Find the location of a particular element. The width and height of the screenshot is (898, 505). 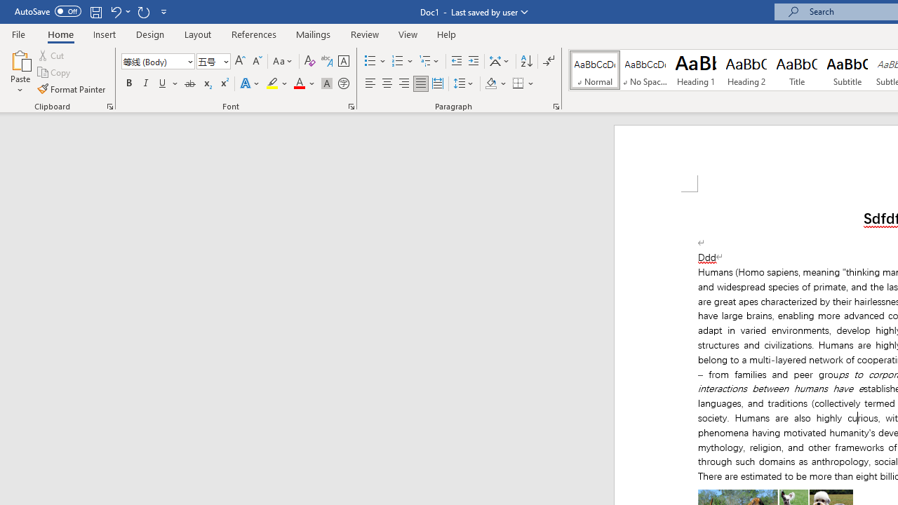

'Italic' is located at coordinates (146, 83).